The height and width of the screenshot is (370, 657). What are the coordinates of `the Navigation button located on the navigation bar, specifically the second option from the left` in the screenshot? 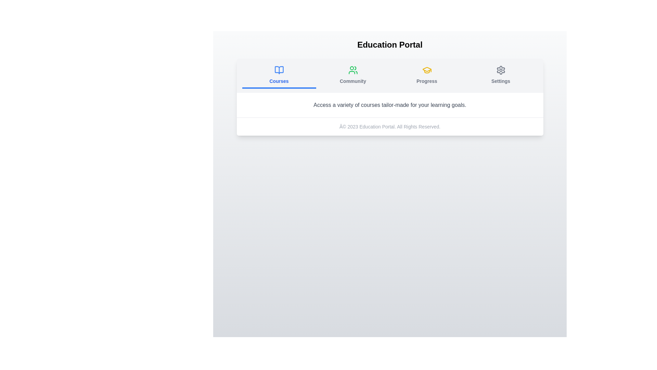 It's located at (353, 75).